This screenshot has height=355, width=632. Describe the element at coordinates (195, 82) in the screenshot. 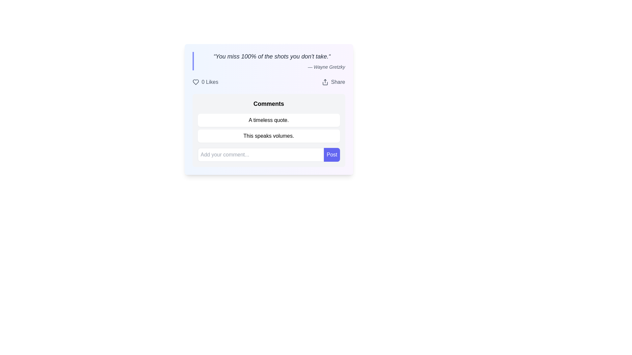

I see `the heart shape icon located in the top-left section of the interface, adjacent to the text '0 Likes', as part of the interface` at that location.